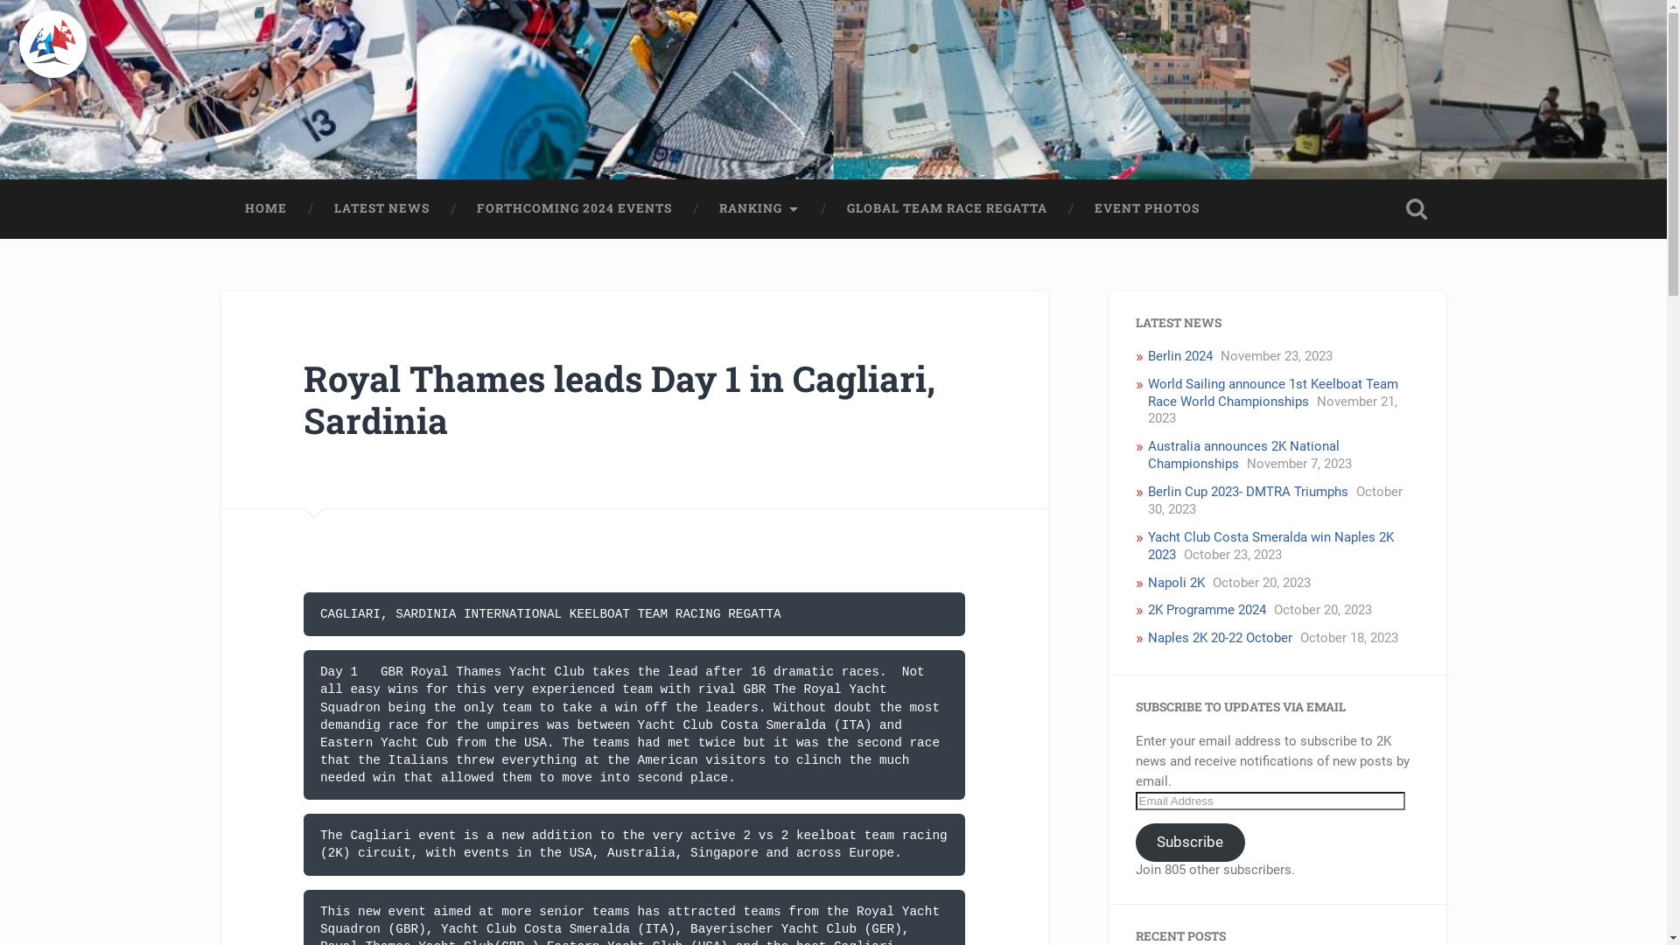 Image resolution: width=1680 pixels, height=945 pixels. I want to click on 'EVENT PHOTOS', so click(1146, 208).